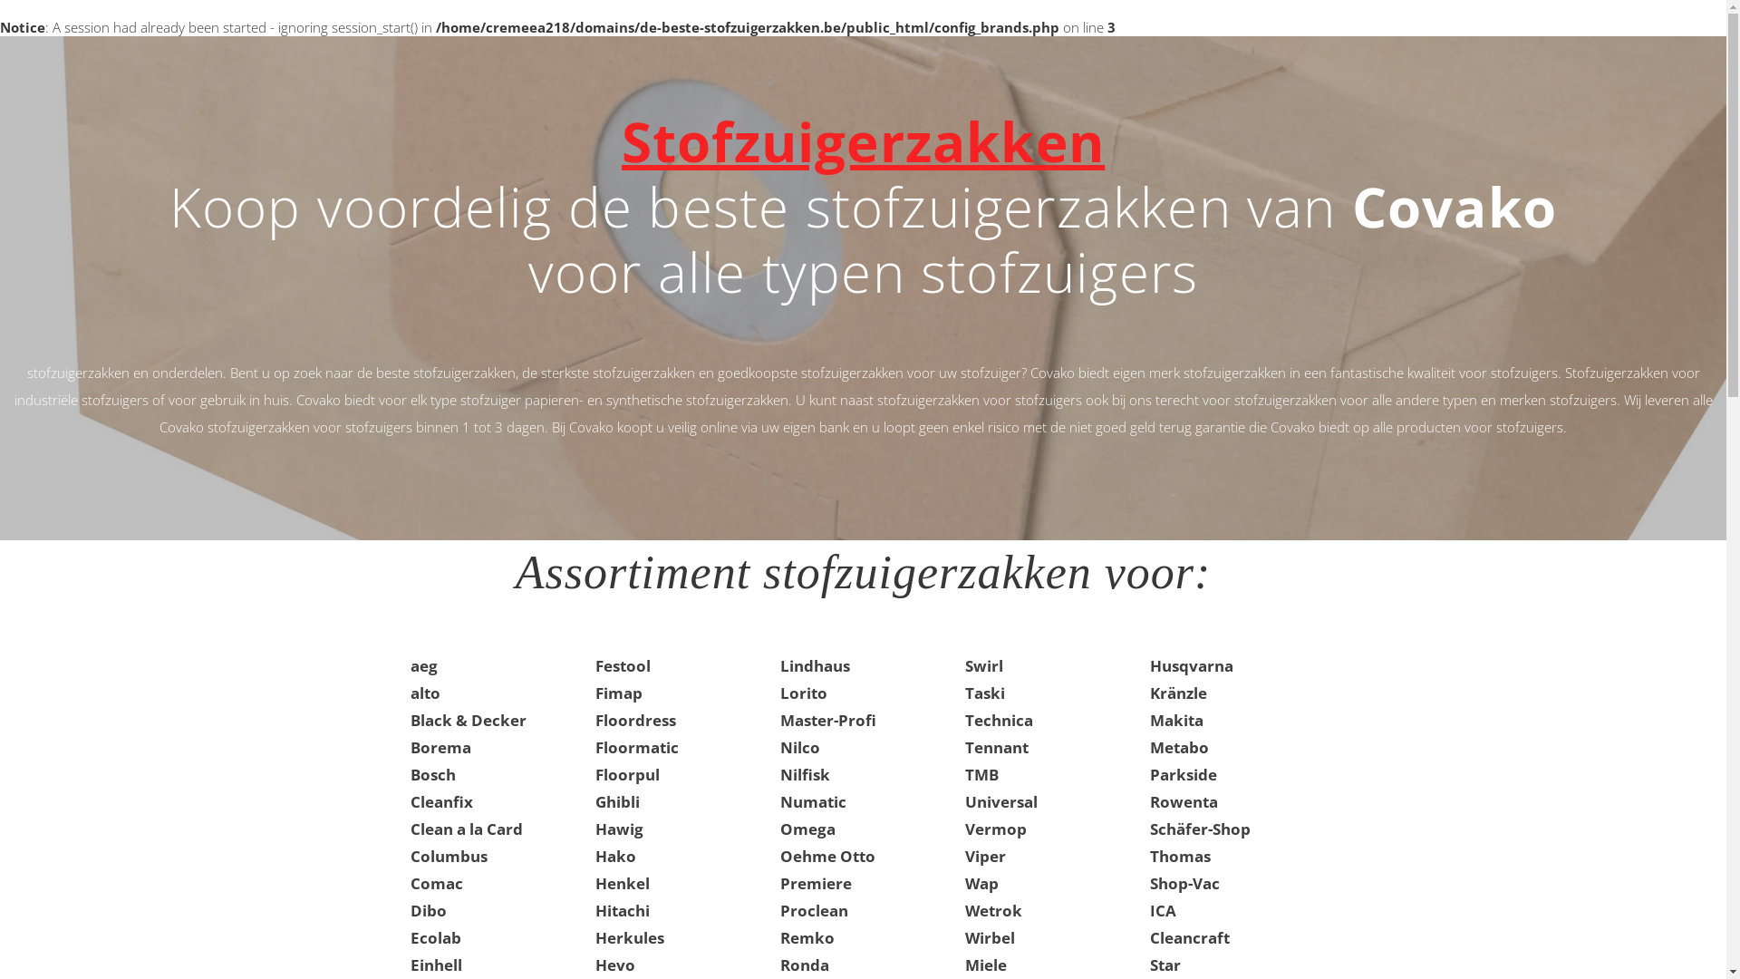 The image size is (1740, 979). I want to click on 'Tennant', so click(995, 747).